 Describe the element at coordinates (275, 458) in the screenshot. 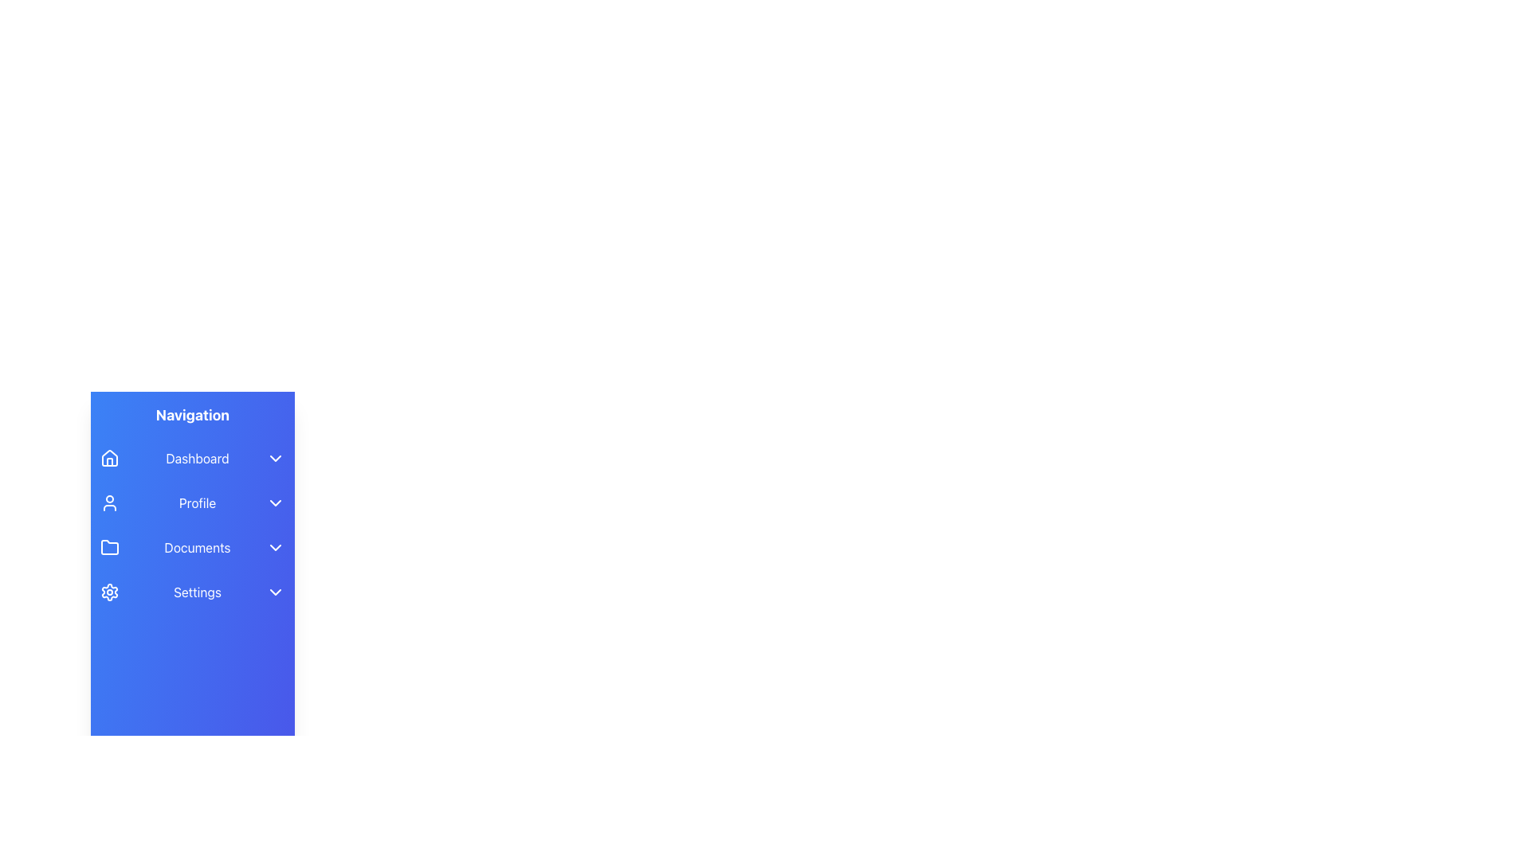

I see `the Dropdown indicator icon next to the 'Dashboard' label` at that location.